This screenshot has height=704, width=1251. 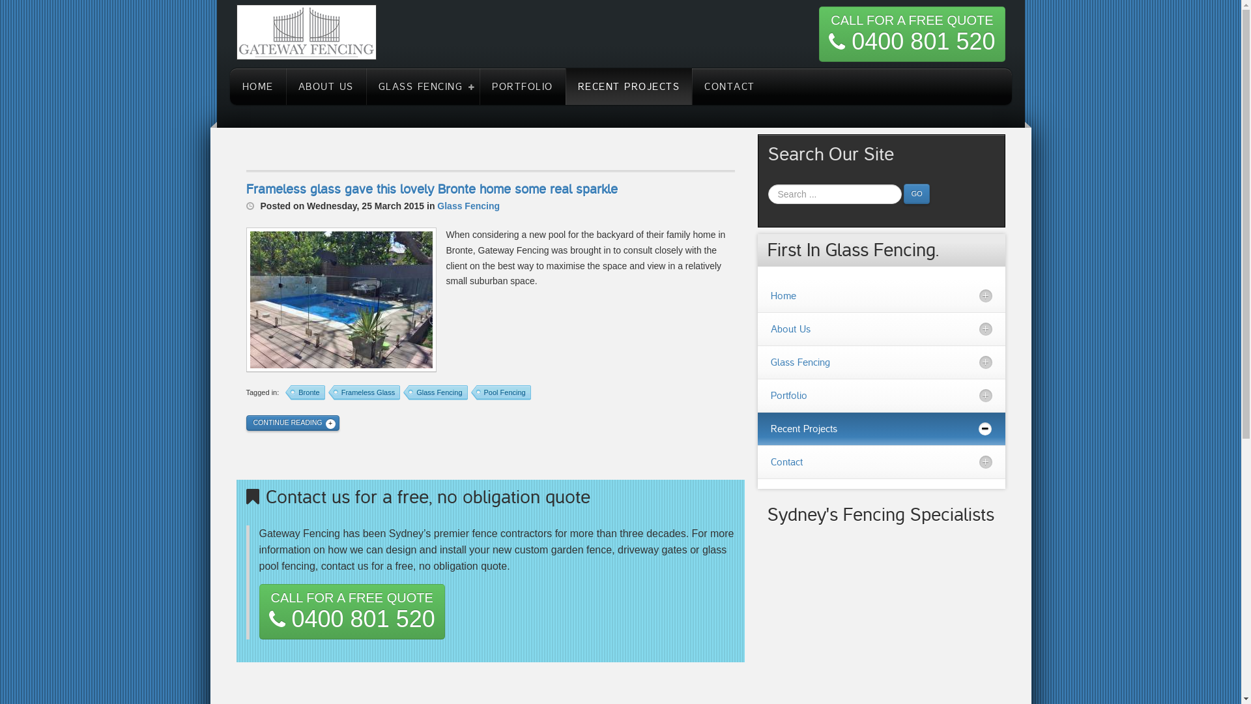 What do you see at coordinates (881, 394) in the screenshot?
I see `'Portfolio'` at bounding box center [881, 394].